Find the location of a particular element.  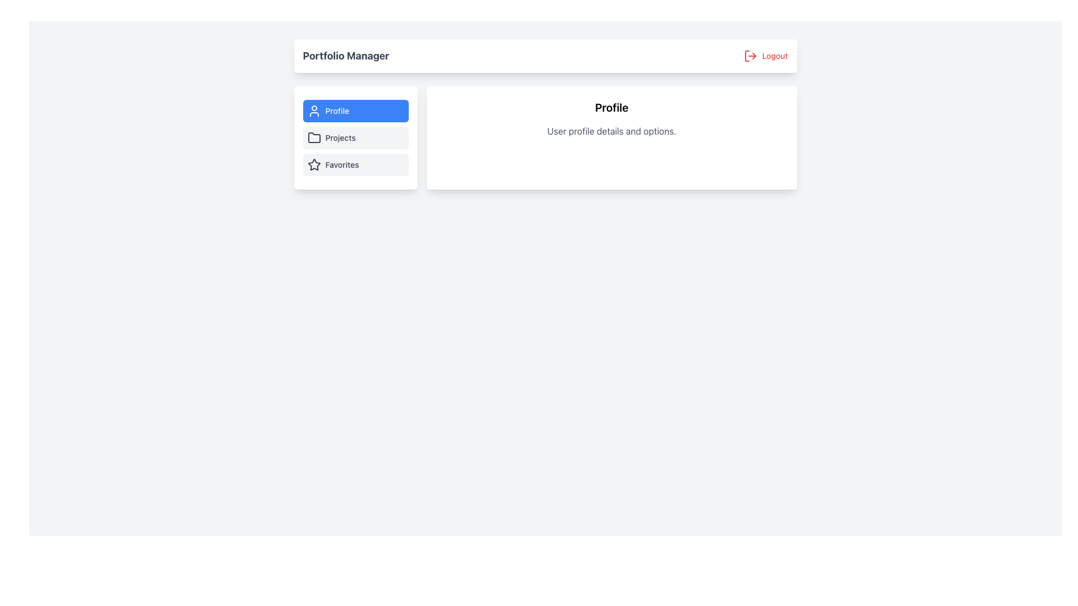

the navigation button located at the top of the vertical list on the left panel is located at coordinates (355, 111).